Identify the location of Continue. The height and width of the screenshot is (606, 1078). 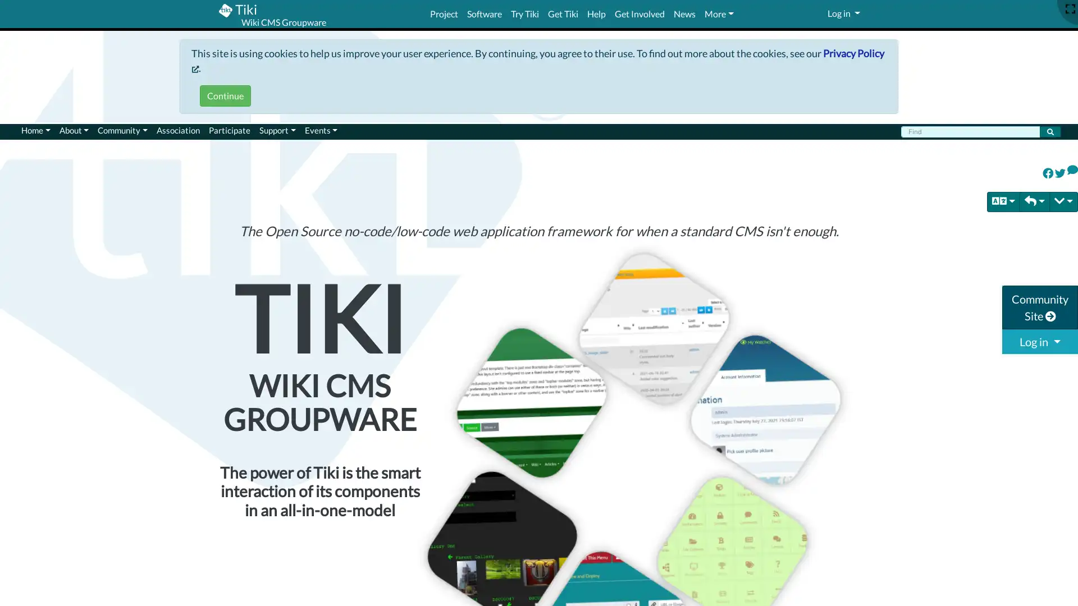
(225, 94).